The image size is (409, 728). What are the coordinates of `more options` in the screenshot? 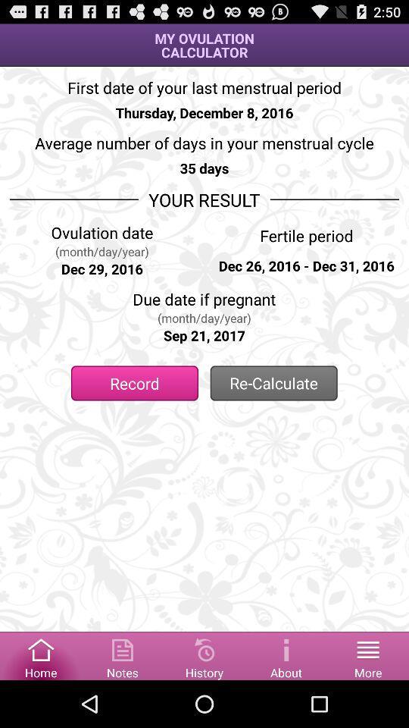 It's located at (367, 654).